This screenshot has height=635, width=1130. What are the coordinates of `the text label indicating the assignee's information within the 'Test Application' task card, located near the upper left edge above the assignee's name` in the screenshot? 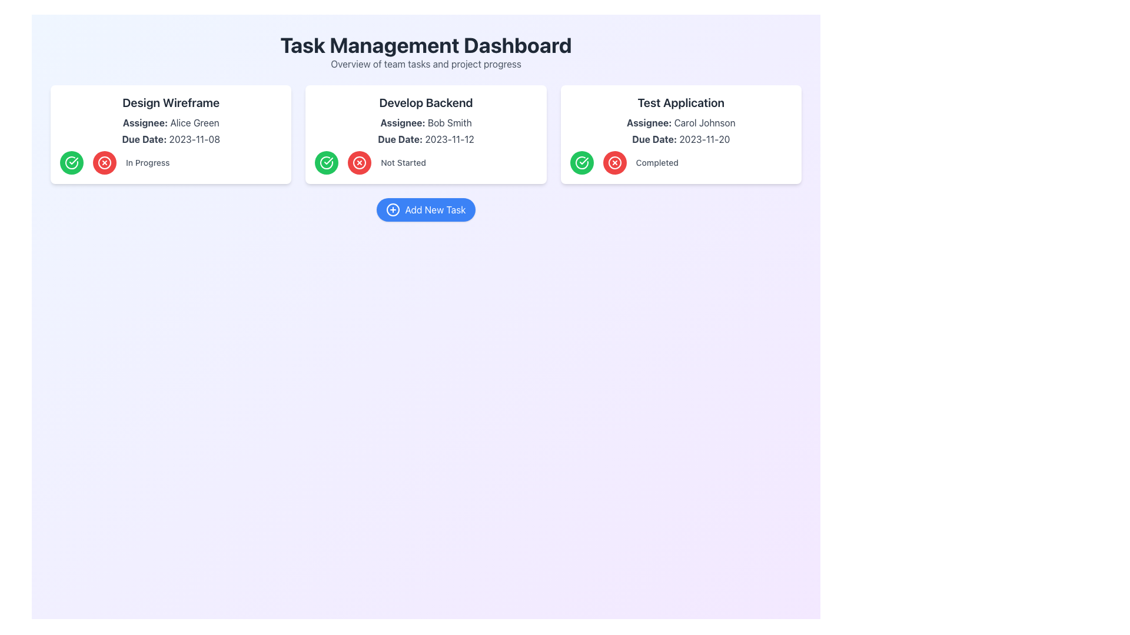 It's located at (649, 122).